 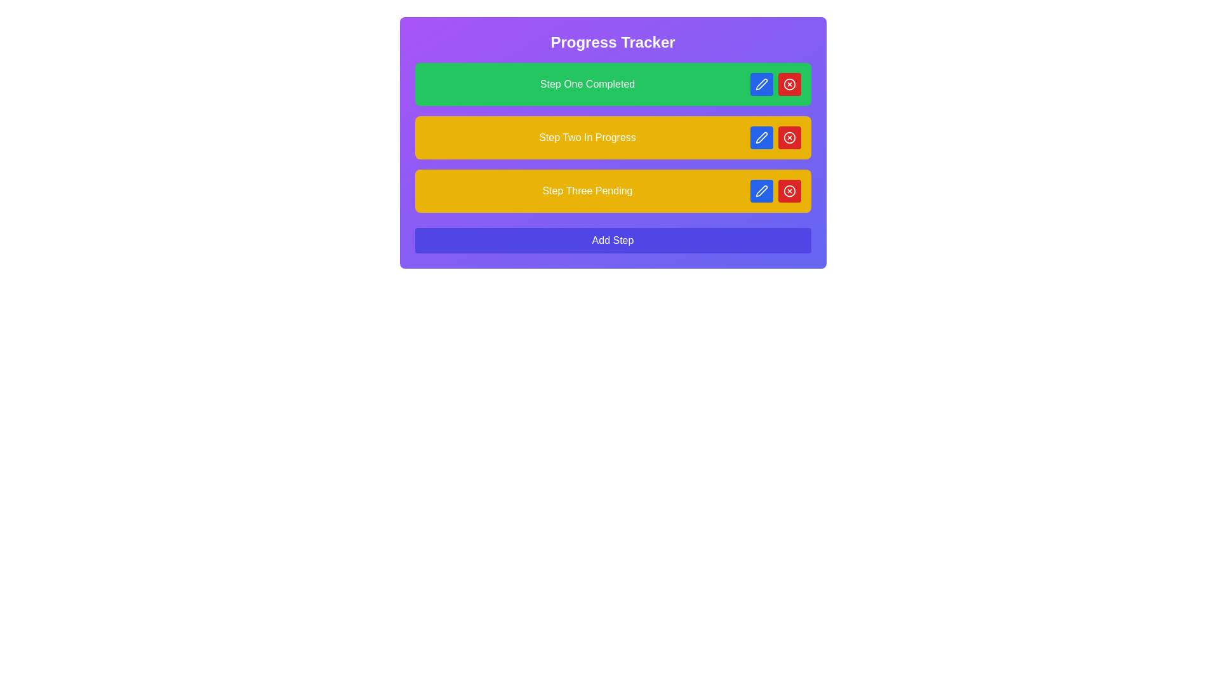 I want to click on the button located in the lower row of the 'Step Three Pending' section, so click(x=761, y=191).